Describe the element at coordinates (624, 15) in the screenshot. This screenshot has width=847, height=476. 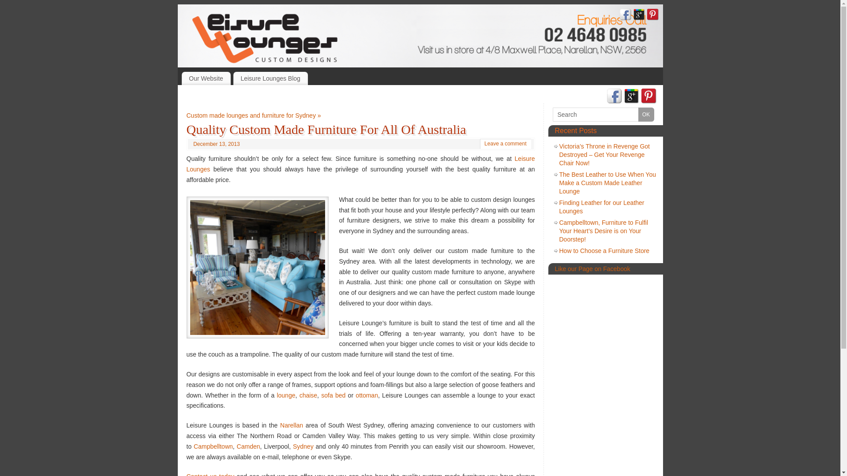
I see `'Facebook'` at that location.